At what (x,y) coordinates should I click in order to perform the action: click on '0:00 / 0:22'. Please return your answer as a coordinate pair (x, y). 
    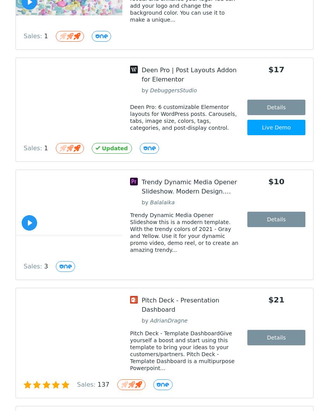
    Looking at the image, I should click on (91, 227).